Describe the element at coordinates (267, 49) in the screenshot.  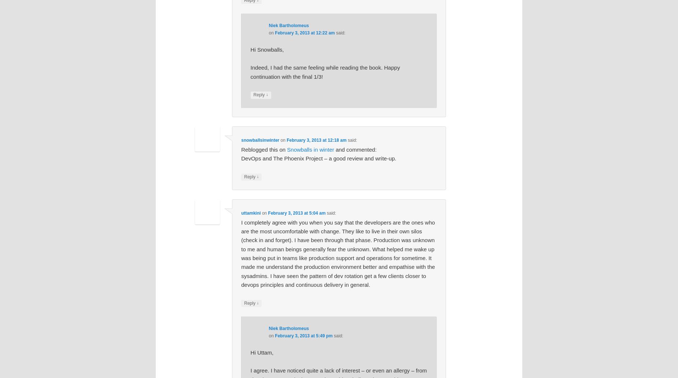
I see `'Hi Snowballs,'` at that location.